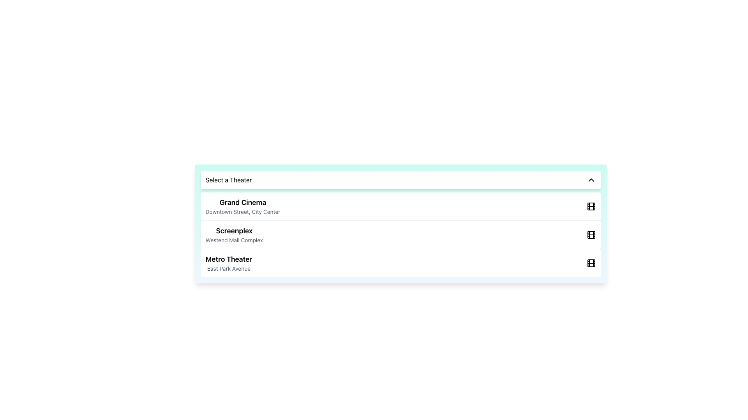 This screenshot has width=748, height=420. I want to click on the static text element that identifies the theater named 'Screenplex' and 'Westend Mall Complex', located in the middle entry of the list of theaters, so click(234, 231).